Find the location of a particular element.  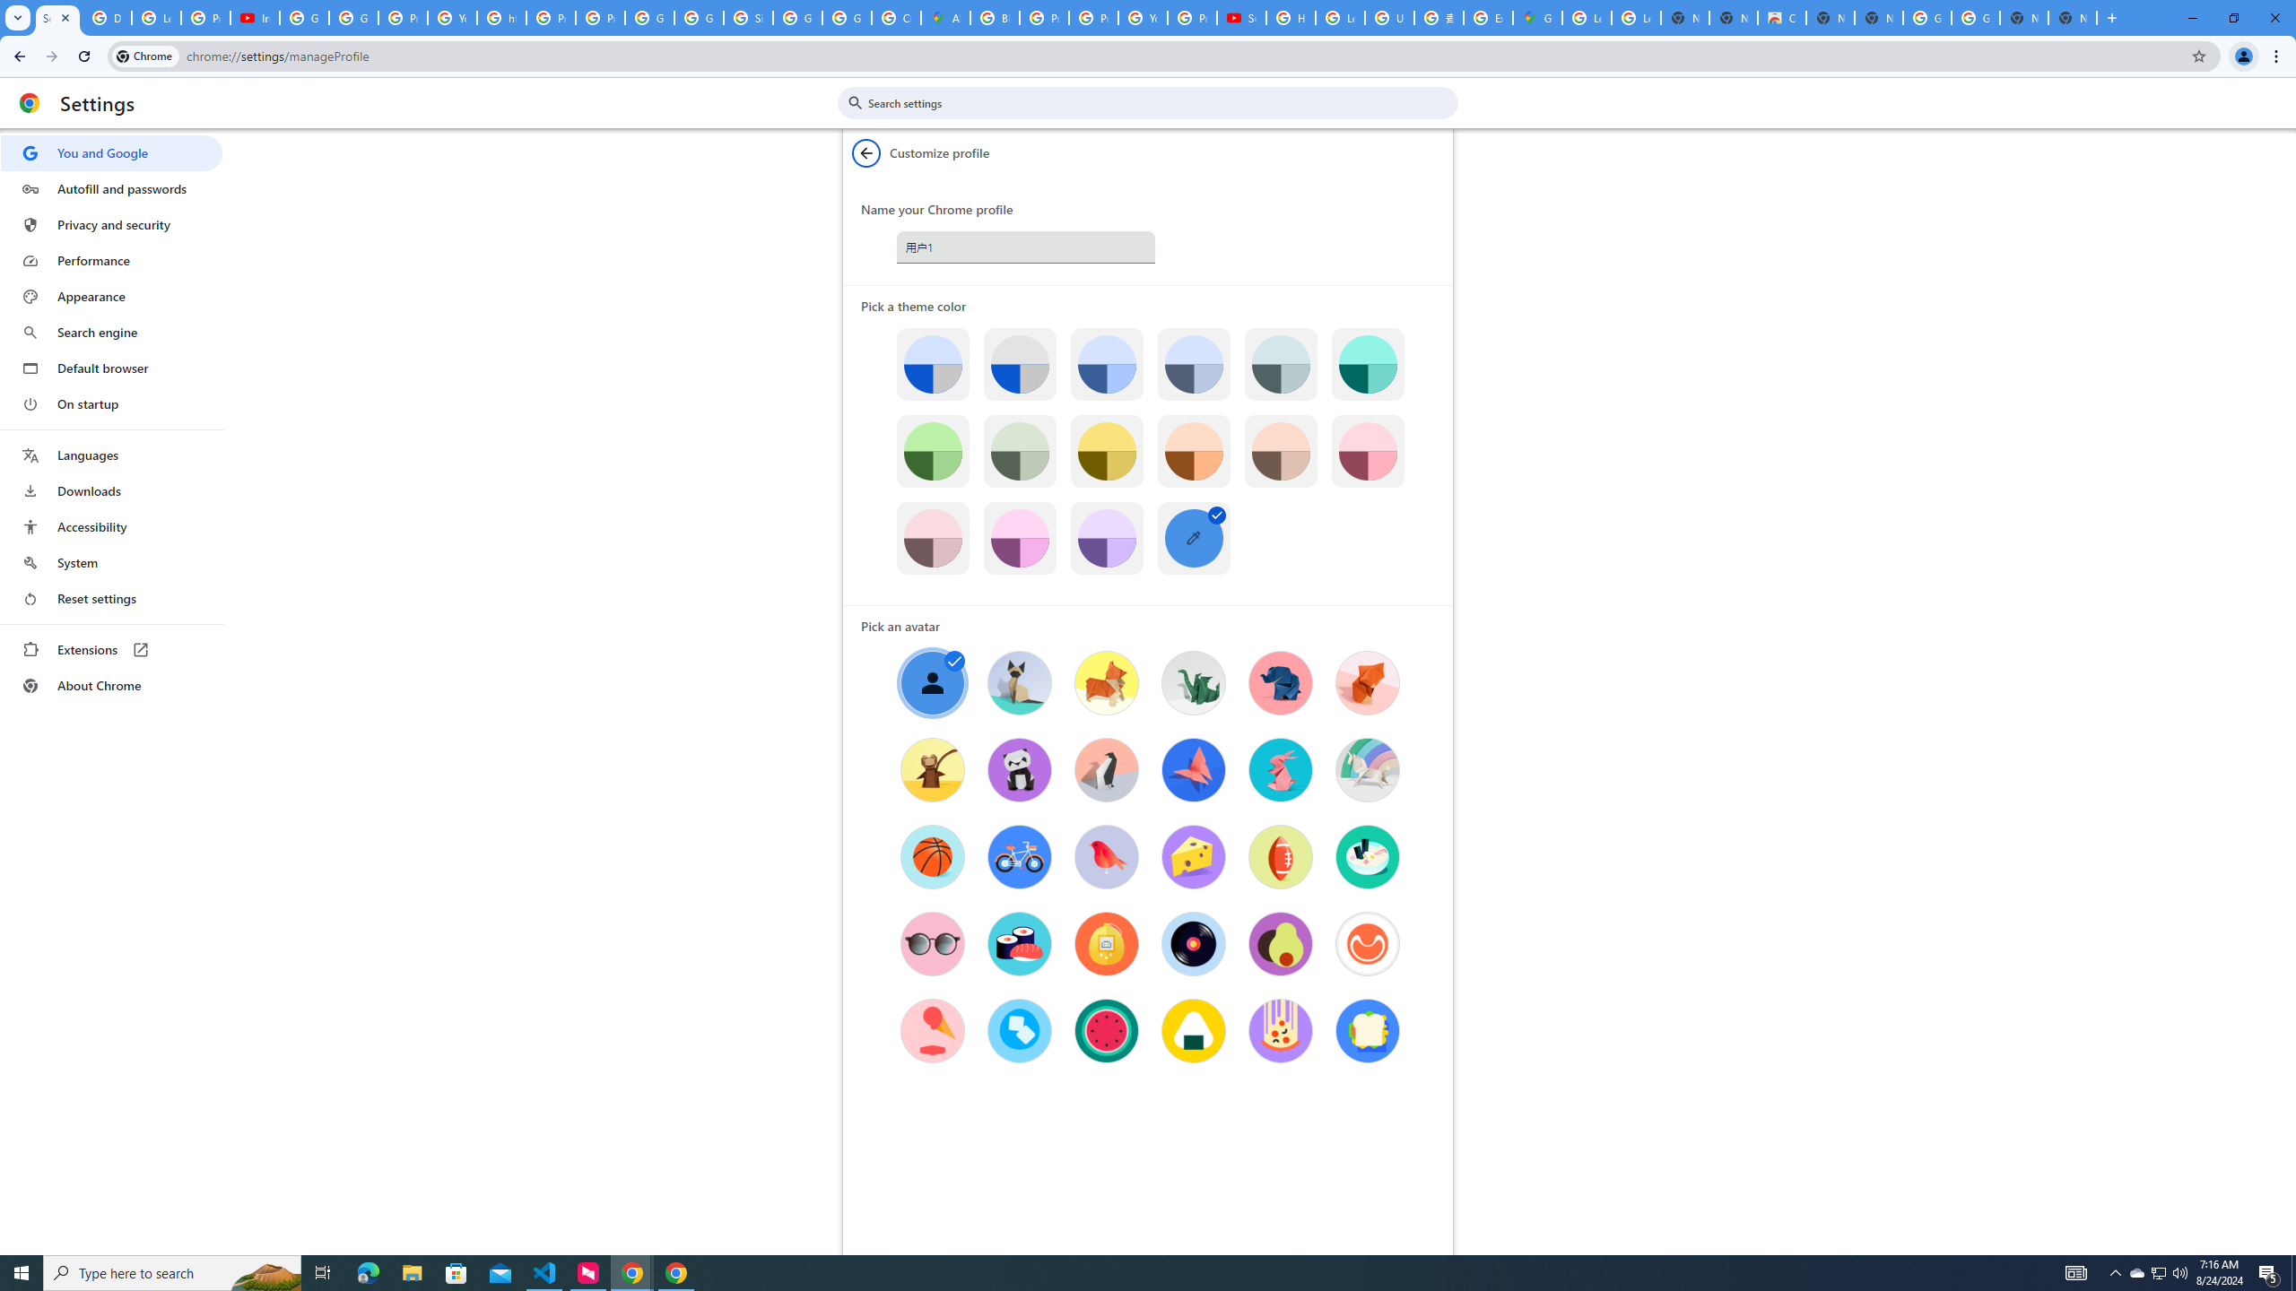

'Reset settings' is located at coordinates (110, 598).